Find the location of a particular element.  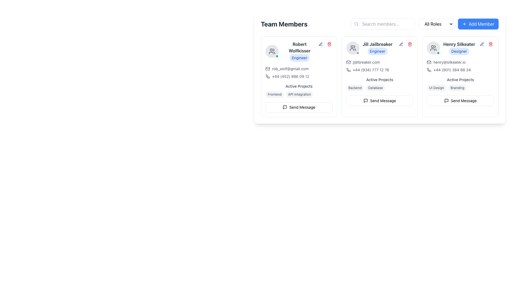

'Send Message' label text to understand the button's function, which allows users to send a message to Robert Wolfkisser is located at coordinates (302, 107).